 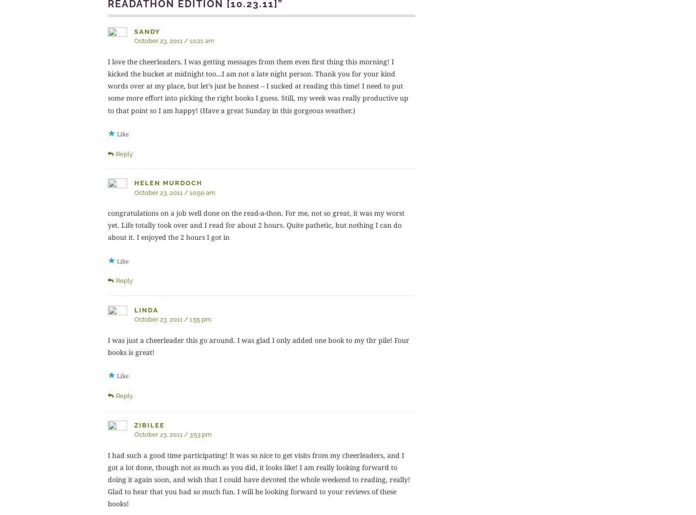 What do you see at coordinates (174, 191) in the screenshot?
I see `'October 23, 2011 / 10:50 am'` at bounding box center [174, 191].